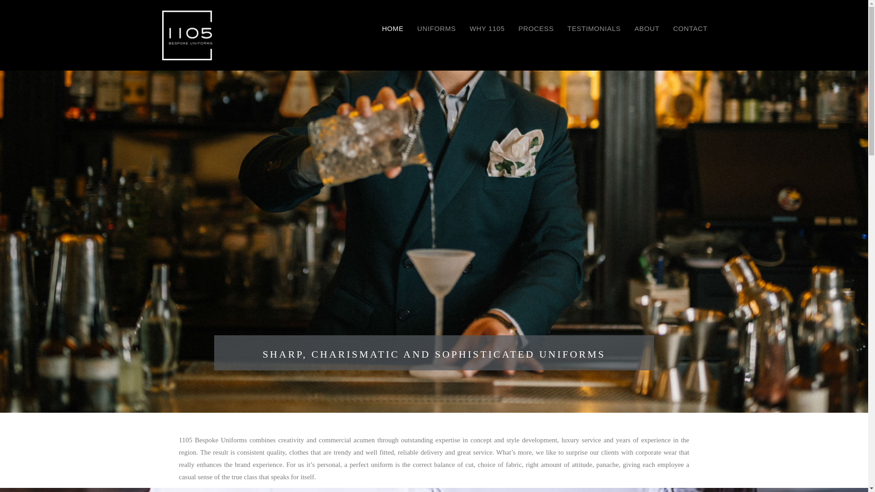 The height and width of the screenshot is (492, 875). Describe the element at coordinates (392, 28) in the screenshot. I see `'HOME'` at that location.